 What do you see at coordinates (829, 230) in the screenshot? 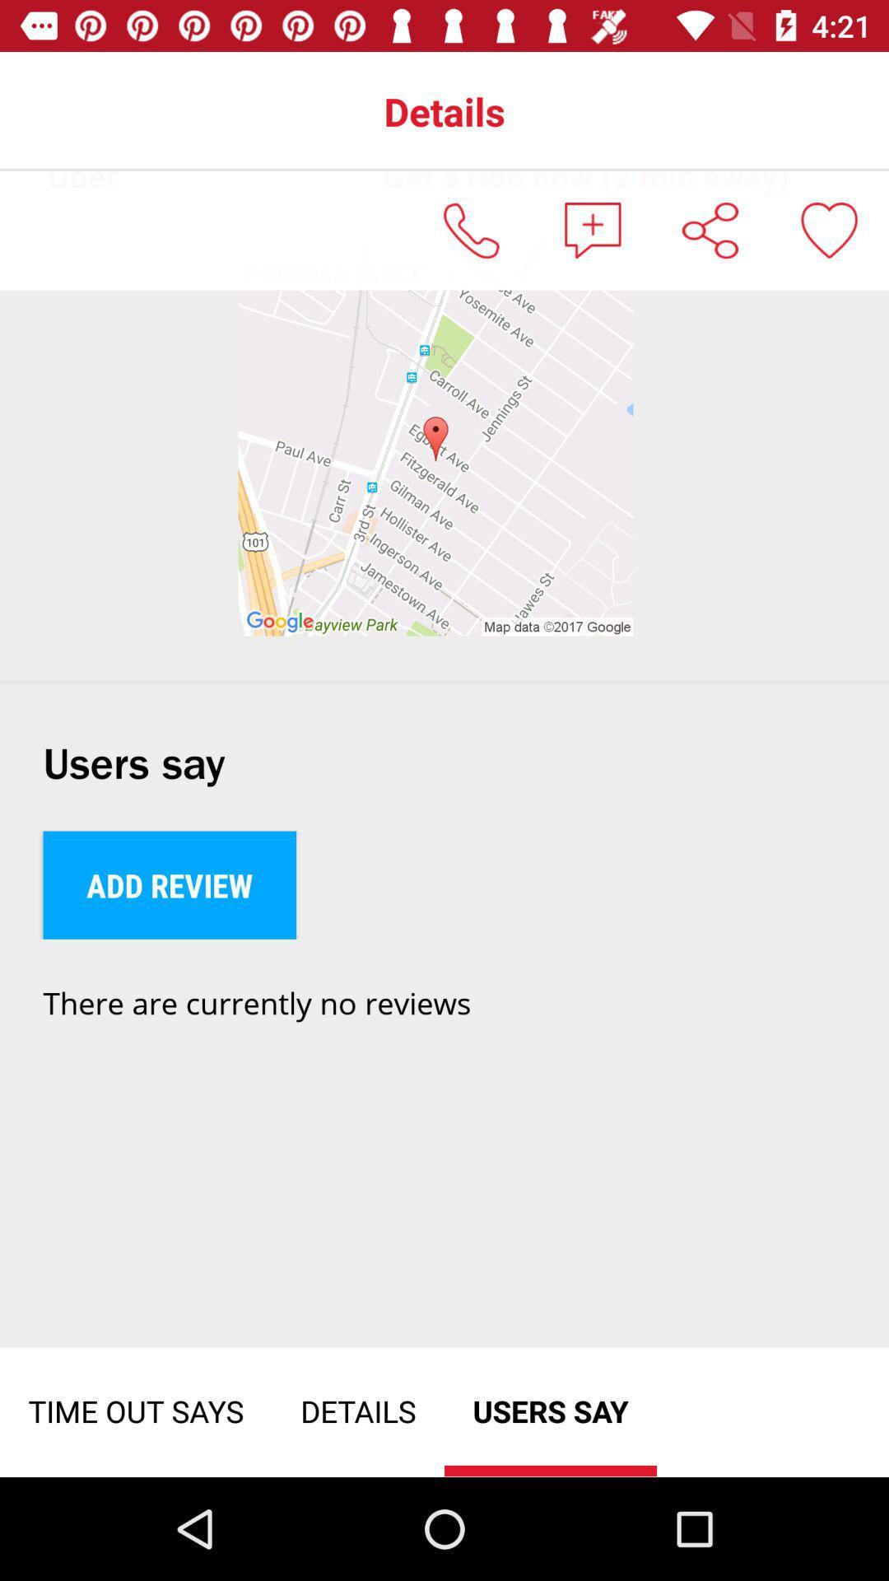
I see `the favorite icon` at bounding box center [829, 230].